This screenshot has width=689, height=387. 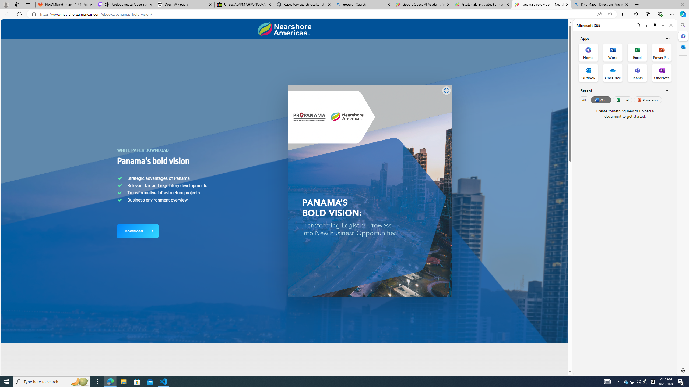 What do you see at coordinates (637, 73) in the screenshot?
I see `'Teams Office App'` at bounding box center [637, 73].